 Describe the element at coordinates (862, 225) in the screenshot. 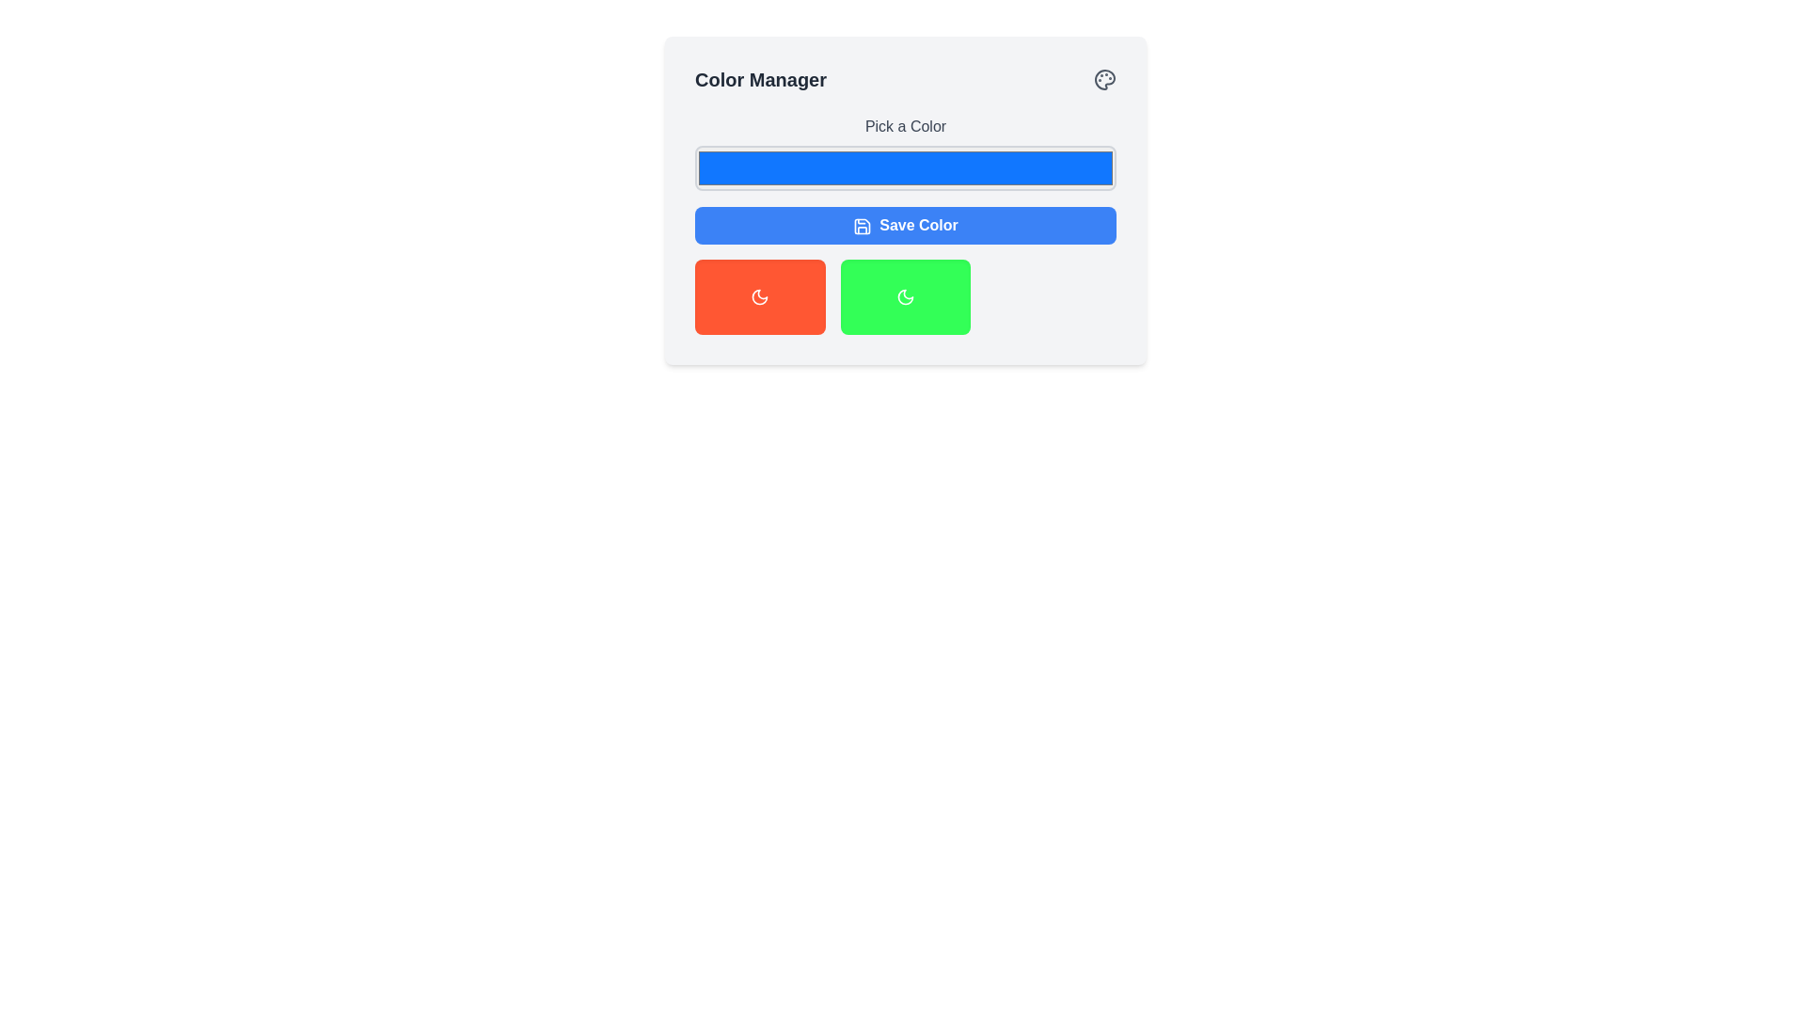

I see `the floppy disk icon within the blue 'Save Color' button` at that location.